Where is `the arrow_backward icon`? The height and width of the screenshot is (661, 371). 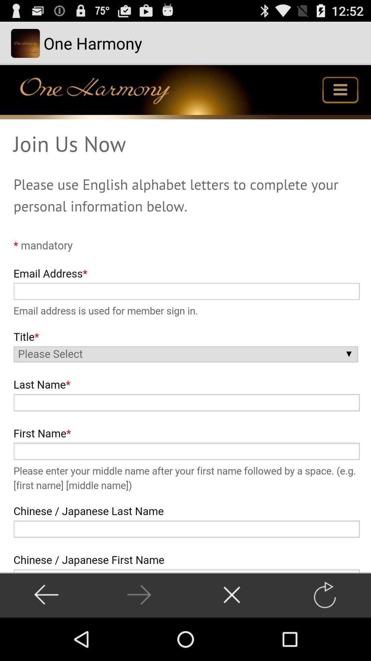 the arrow_backward icon is located at coordinates (46, 636).